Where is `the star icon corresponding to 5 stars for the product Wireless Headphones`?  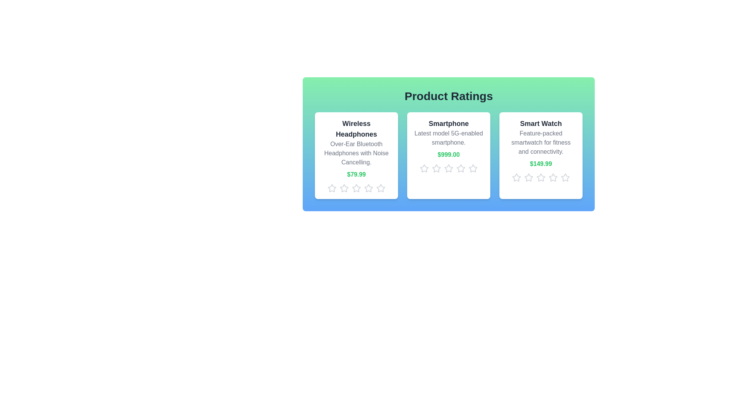
the star icon corresponding to 5 stars for the product Wireless Headphones is located at coordinates (380, 188).